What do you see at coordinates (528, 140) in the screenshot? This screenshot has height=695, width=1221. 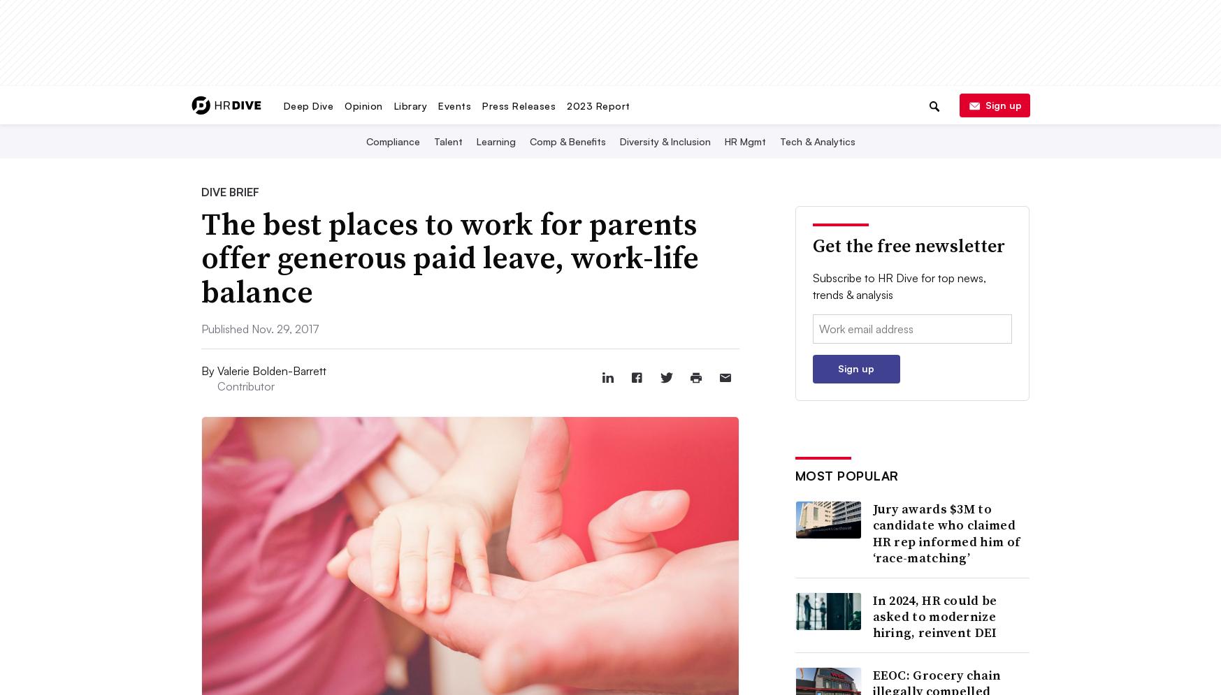 I see `'Comp & Benefits'` at bounding box center [528, 140].